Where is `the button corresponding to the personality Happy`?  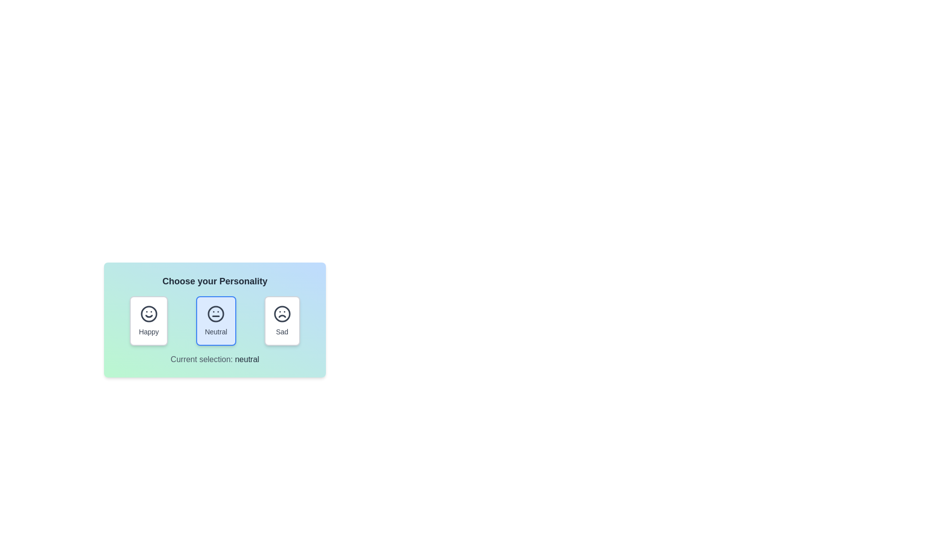
the button corresponding to the personality Happy is located at coordinates (148, 321).